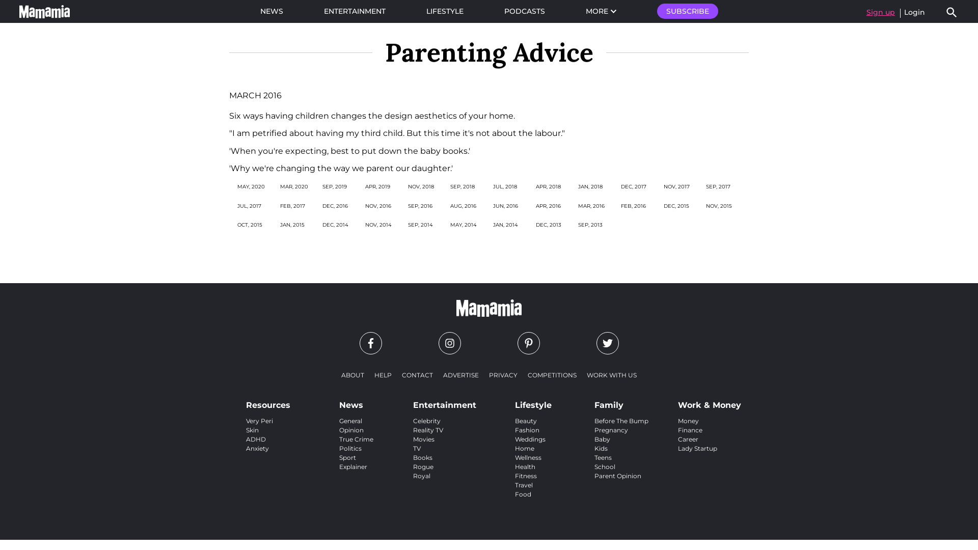 The image size is (978, 550). I want to click on 'NOV, 2017', so click(676, 186).